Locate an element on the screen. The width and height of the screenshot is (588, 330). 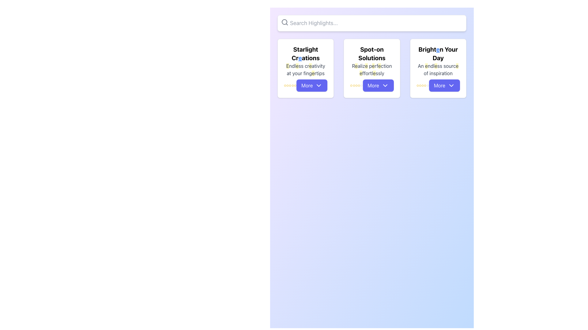
the 'More' button located at the bottom of the third card titled 'Brighten Your Day', directly below the subtitle 'An endless source of inspiration' is located at coordinates (438, 86).